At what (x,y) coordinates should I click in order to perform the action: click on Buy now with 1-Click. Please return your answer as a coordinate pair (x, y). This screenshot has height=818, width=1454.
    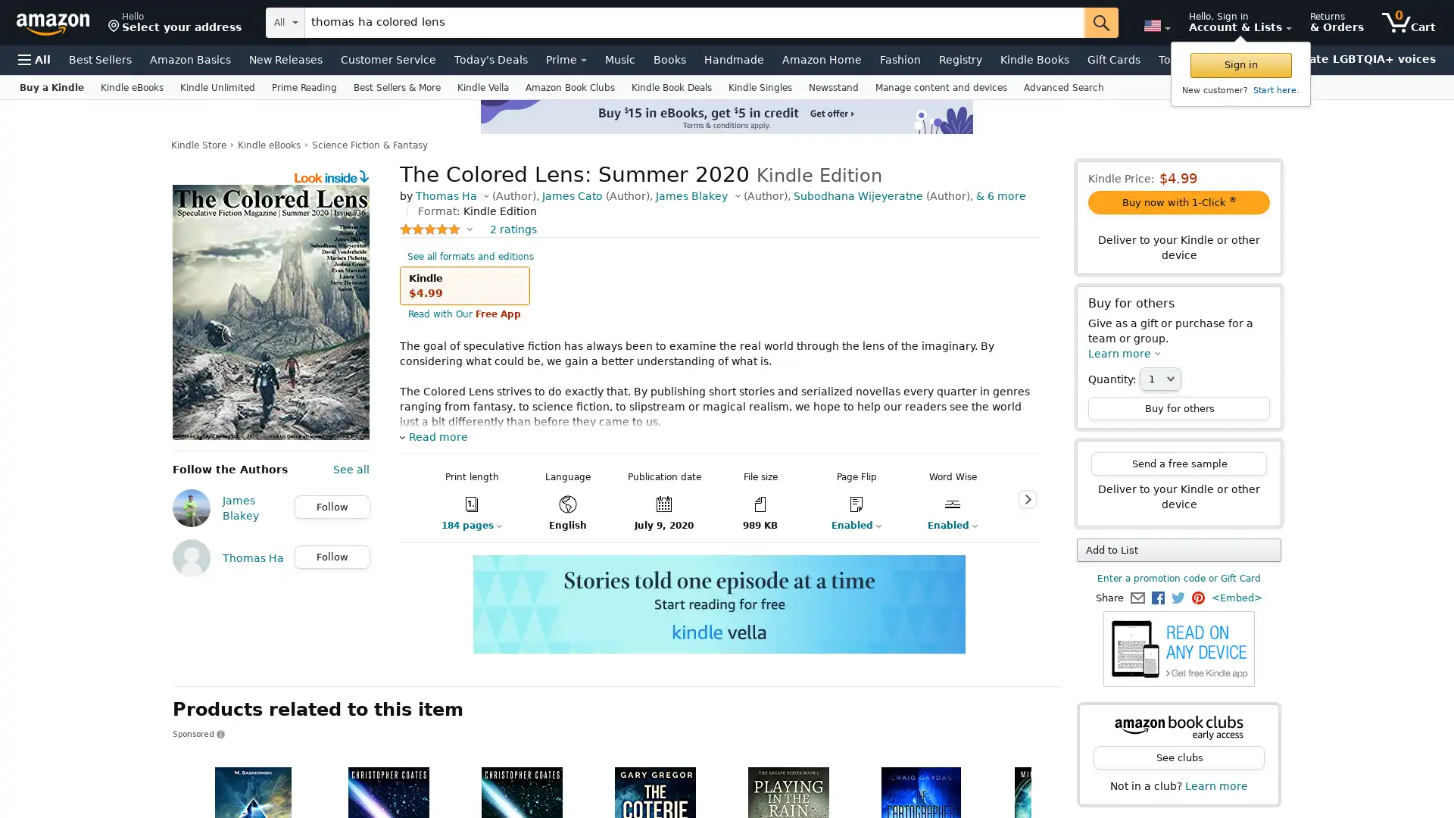
    Looking at the image, I should click on (1178, 201).